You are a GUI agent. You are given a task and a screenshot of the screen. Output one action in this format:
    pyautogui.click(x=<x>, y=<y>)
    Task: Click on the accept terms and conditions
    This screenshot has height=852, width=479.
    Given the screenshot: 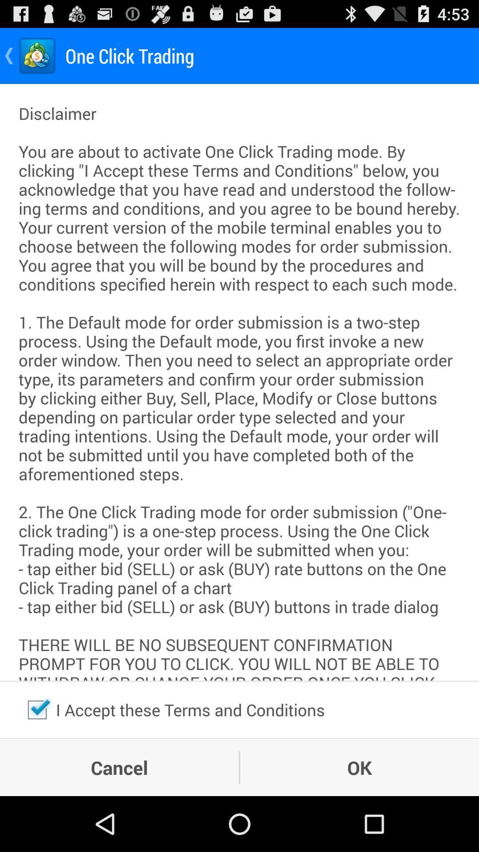 What is the action you would take?
    pyautogui.click(x=37, y=709)
    